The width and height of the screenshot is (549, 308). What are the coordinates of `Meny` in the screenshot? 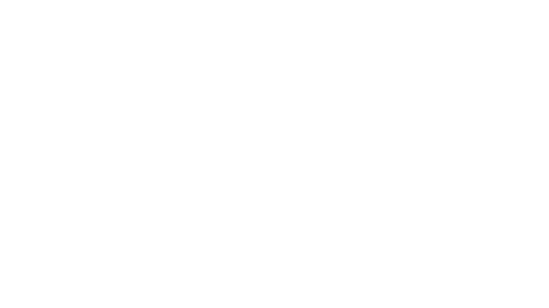 It's located at (535, 17).